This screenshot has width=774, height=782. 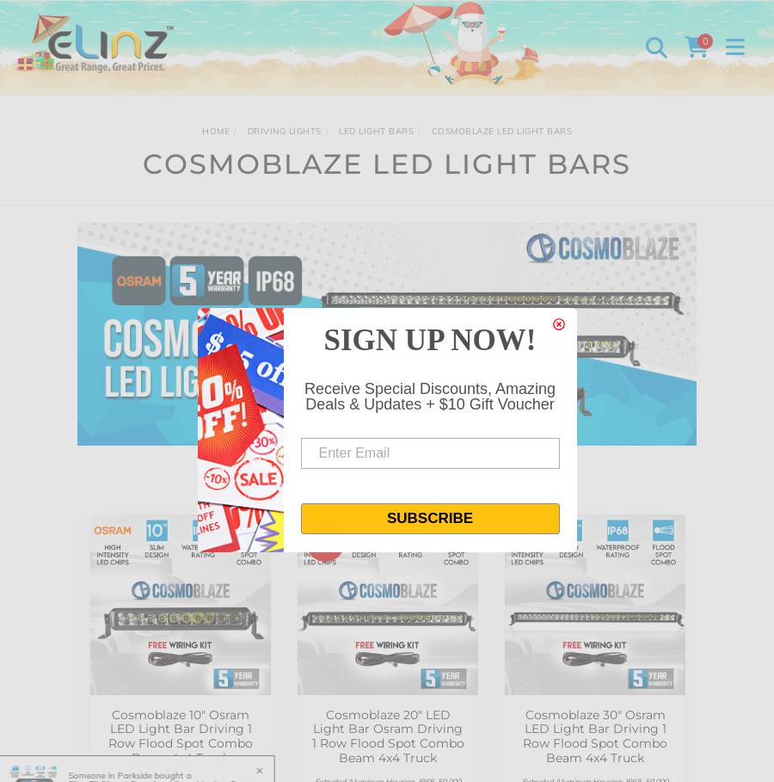 I want to click on 'Home', so click(x=215, y=130).